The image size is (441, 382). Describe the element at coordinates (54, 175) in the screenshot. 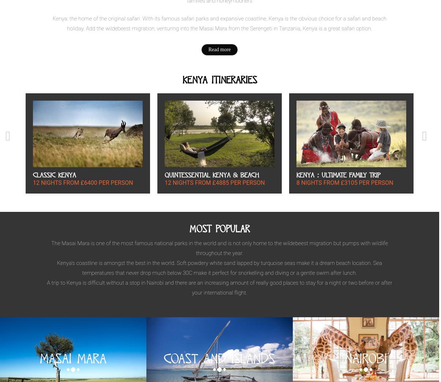

I see `'Classic Kenya'` at that location.